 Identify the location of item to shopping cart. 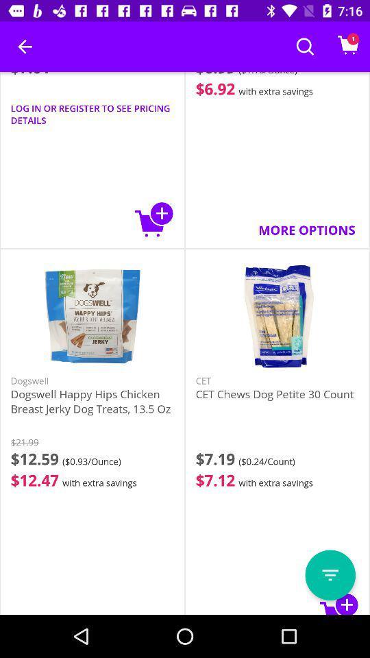
(153, 219).